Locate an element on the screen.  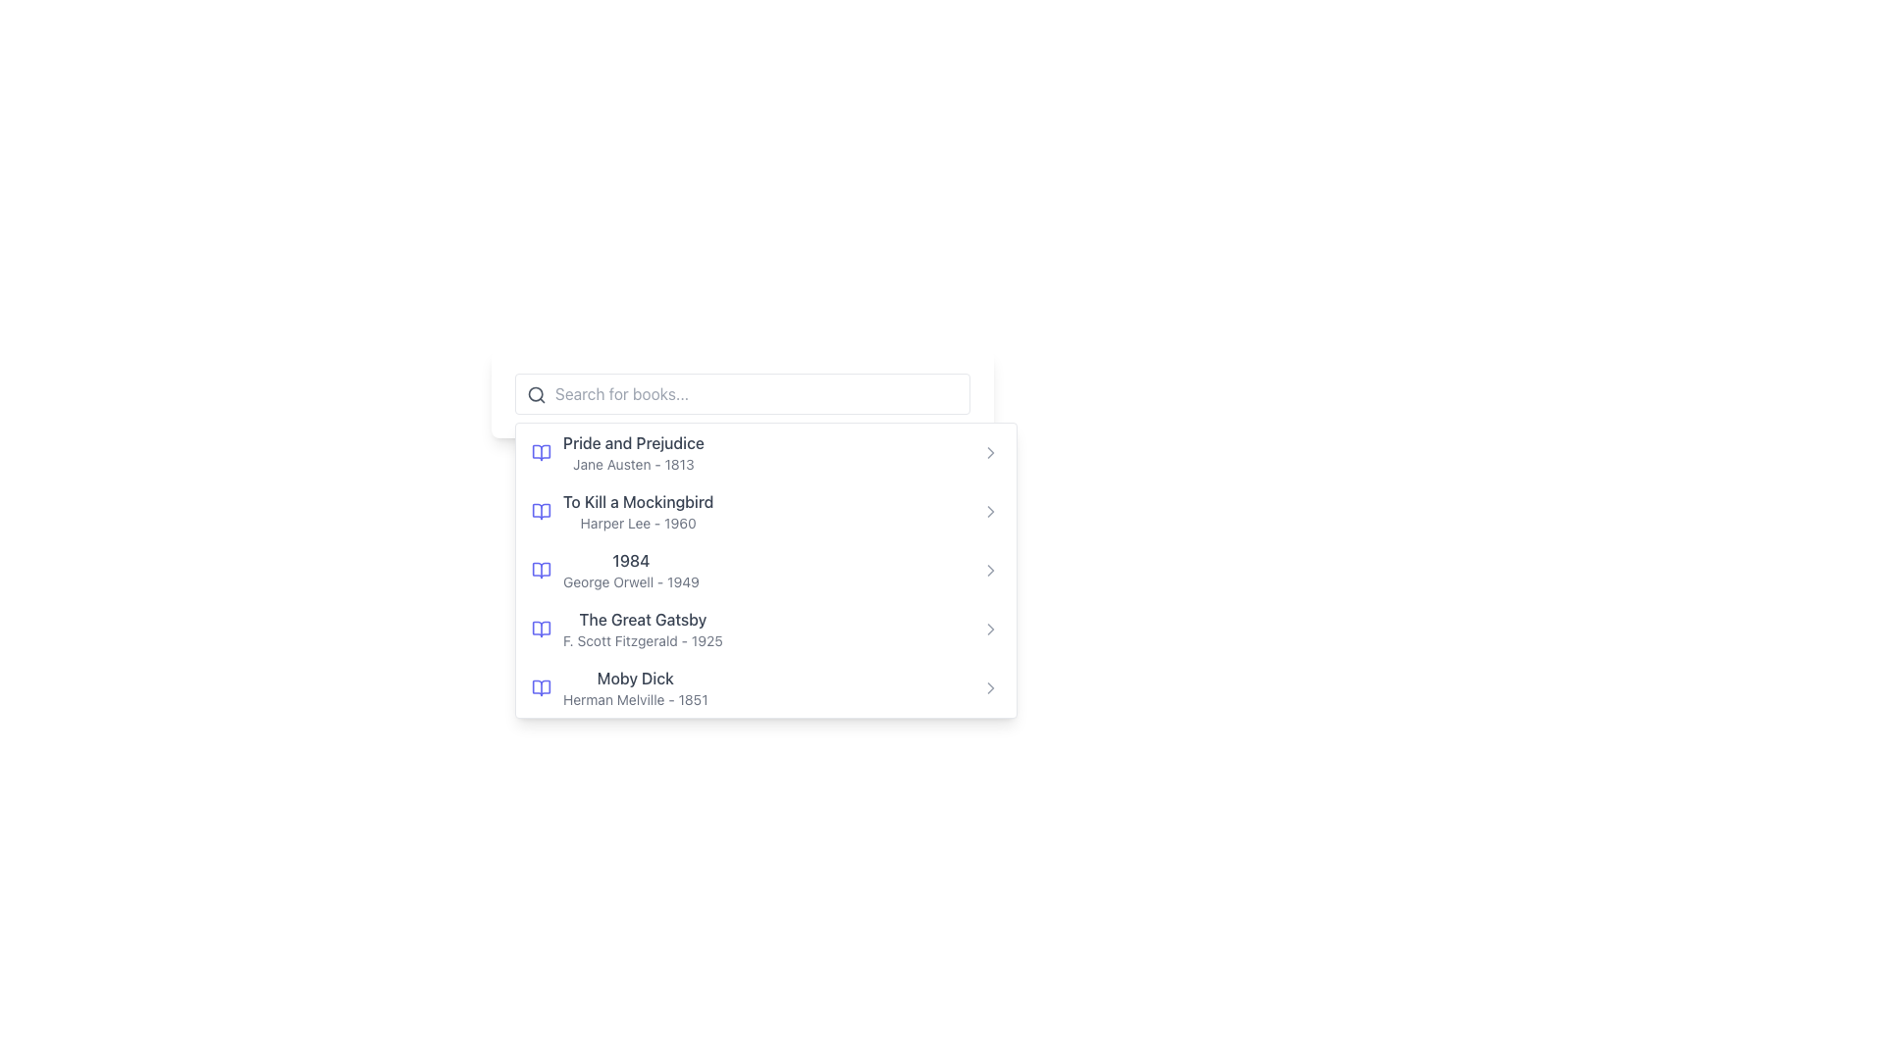
static text element displaying 'F. Scott Fitzgerald - 1925', which is styled in light gray and located below 'The Great Gatsby' is located at coordinates (643, 641).